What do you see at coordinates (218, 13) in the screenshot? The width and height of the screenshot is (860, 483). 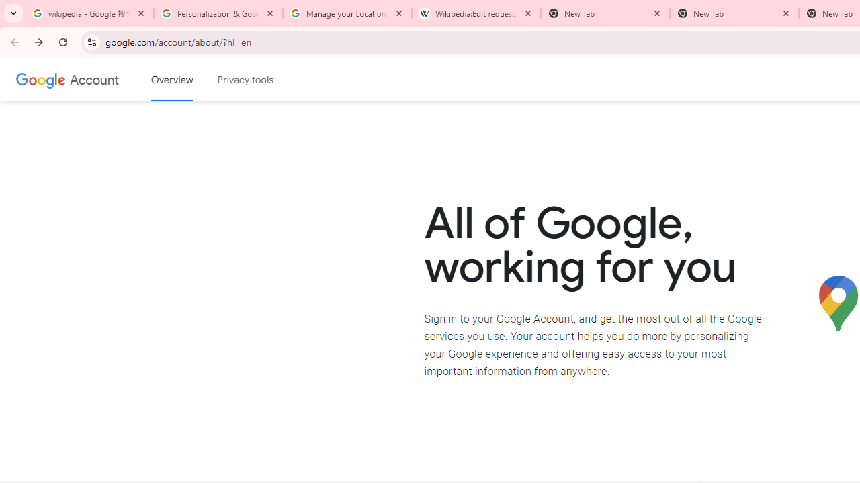 I see `'Personalization & Google Search results - Google Search Help'` at bounding box center [218, 13].